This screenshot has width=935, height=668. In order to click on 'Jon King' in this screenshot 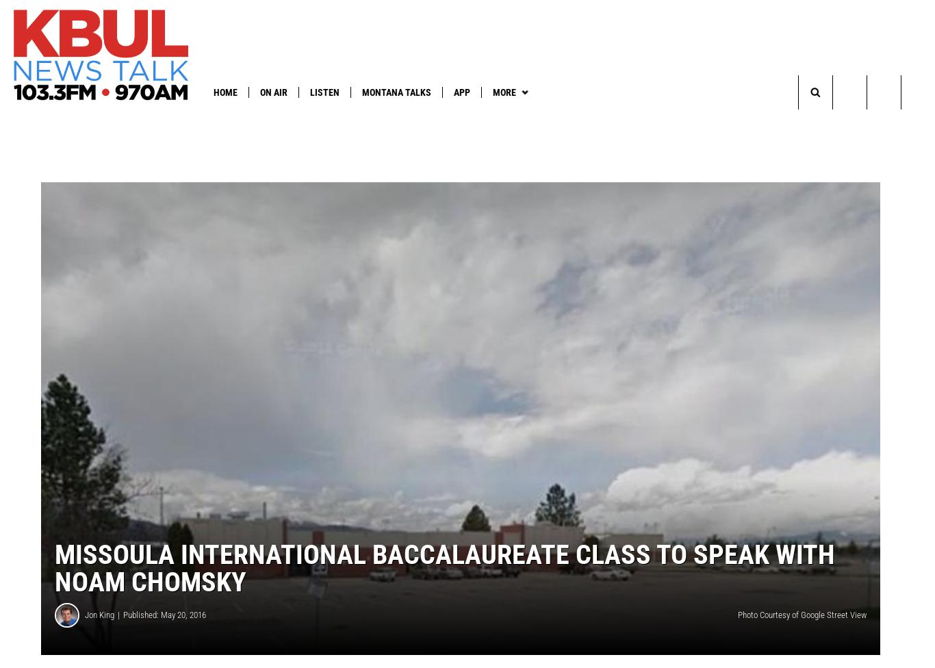, I will do `click(99, 636)`.